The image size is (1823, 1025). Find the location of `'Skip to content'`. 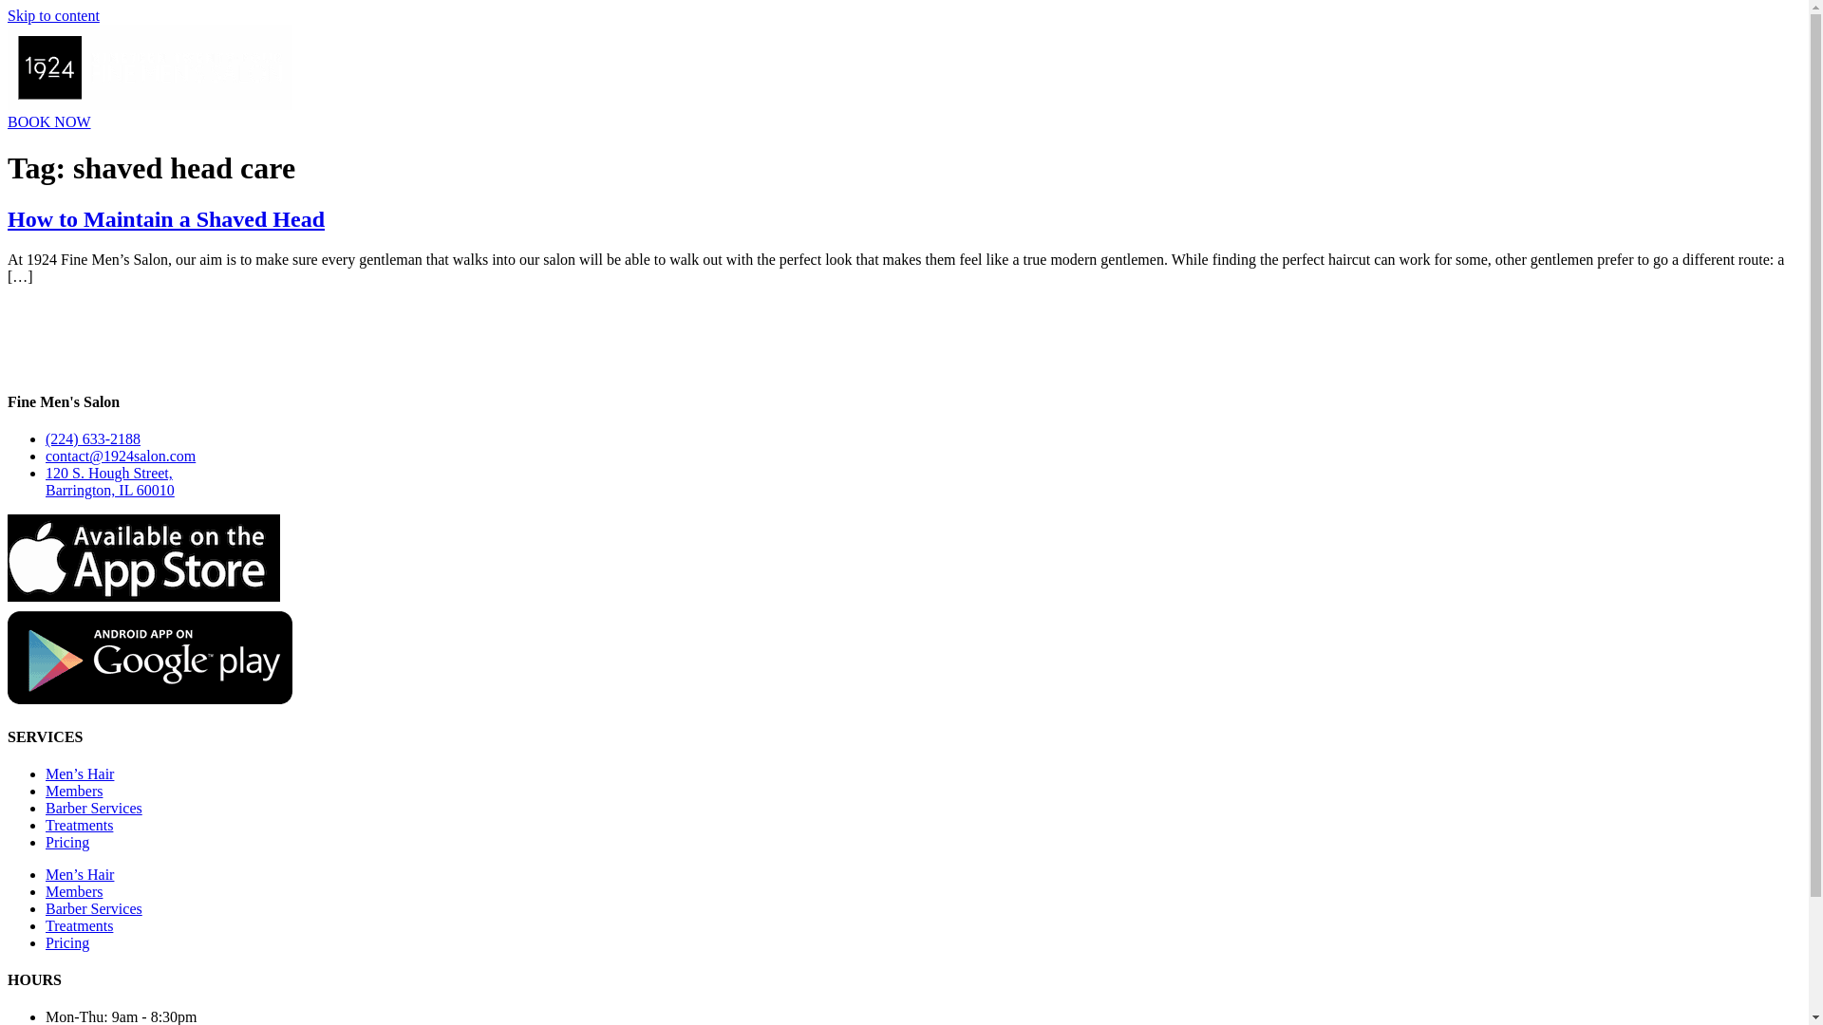

'Skip to content' is located at coordinates (53, 15).